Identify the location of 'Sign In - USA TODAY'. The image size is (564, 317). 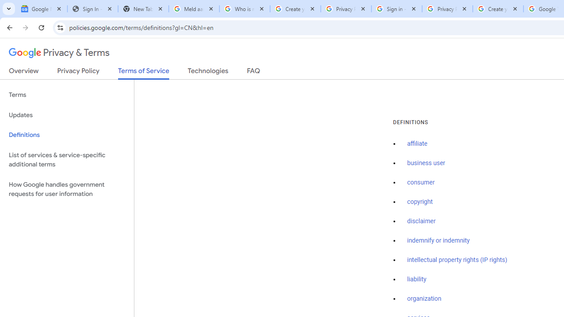
(92, 9).